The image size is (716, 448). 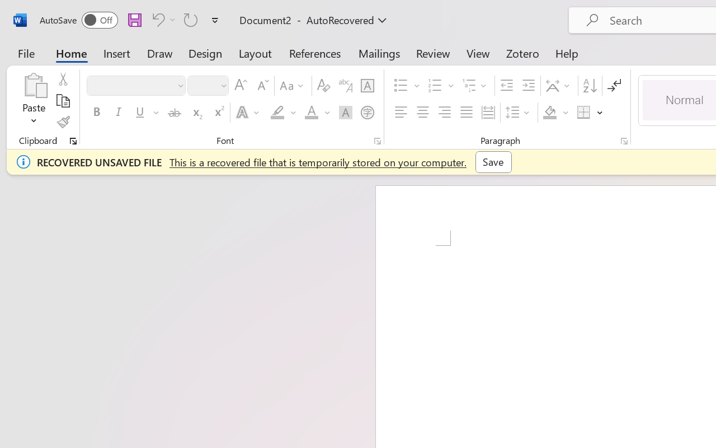 I want to click on 'Sort...', so click(x=589, y=86).